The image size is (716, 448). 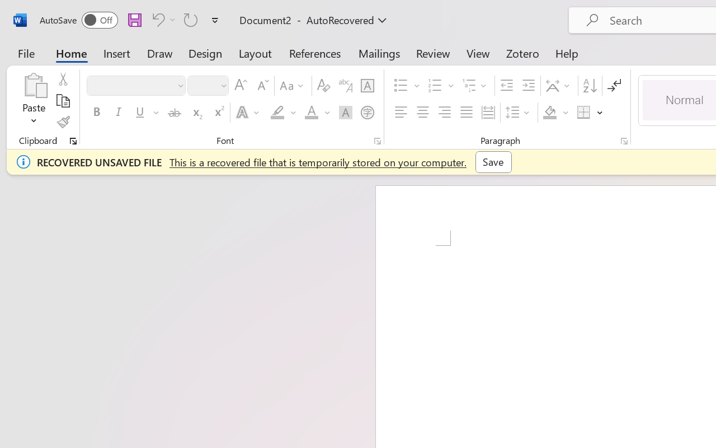 I want to click on 'Sort...', so click(x=589, y=86).